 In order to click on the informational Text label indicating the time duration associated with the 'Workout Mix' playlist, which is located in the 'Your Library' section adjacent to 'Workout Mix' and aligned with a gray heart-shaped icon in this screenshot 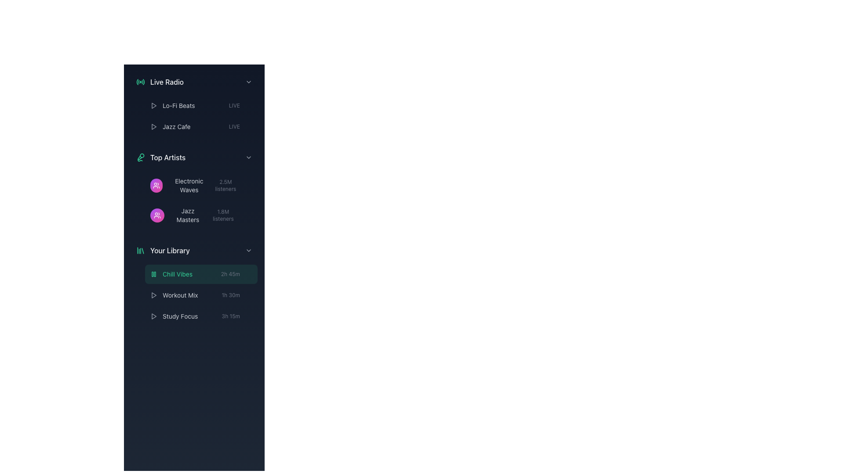, I will do `click(231, 295)`.